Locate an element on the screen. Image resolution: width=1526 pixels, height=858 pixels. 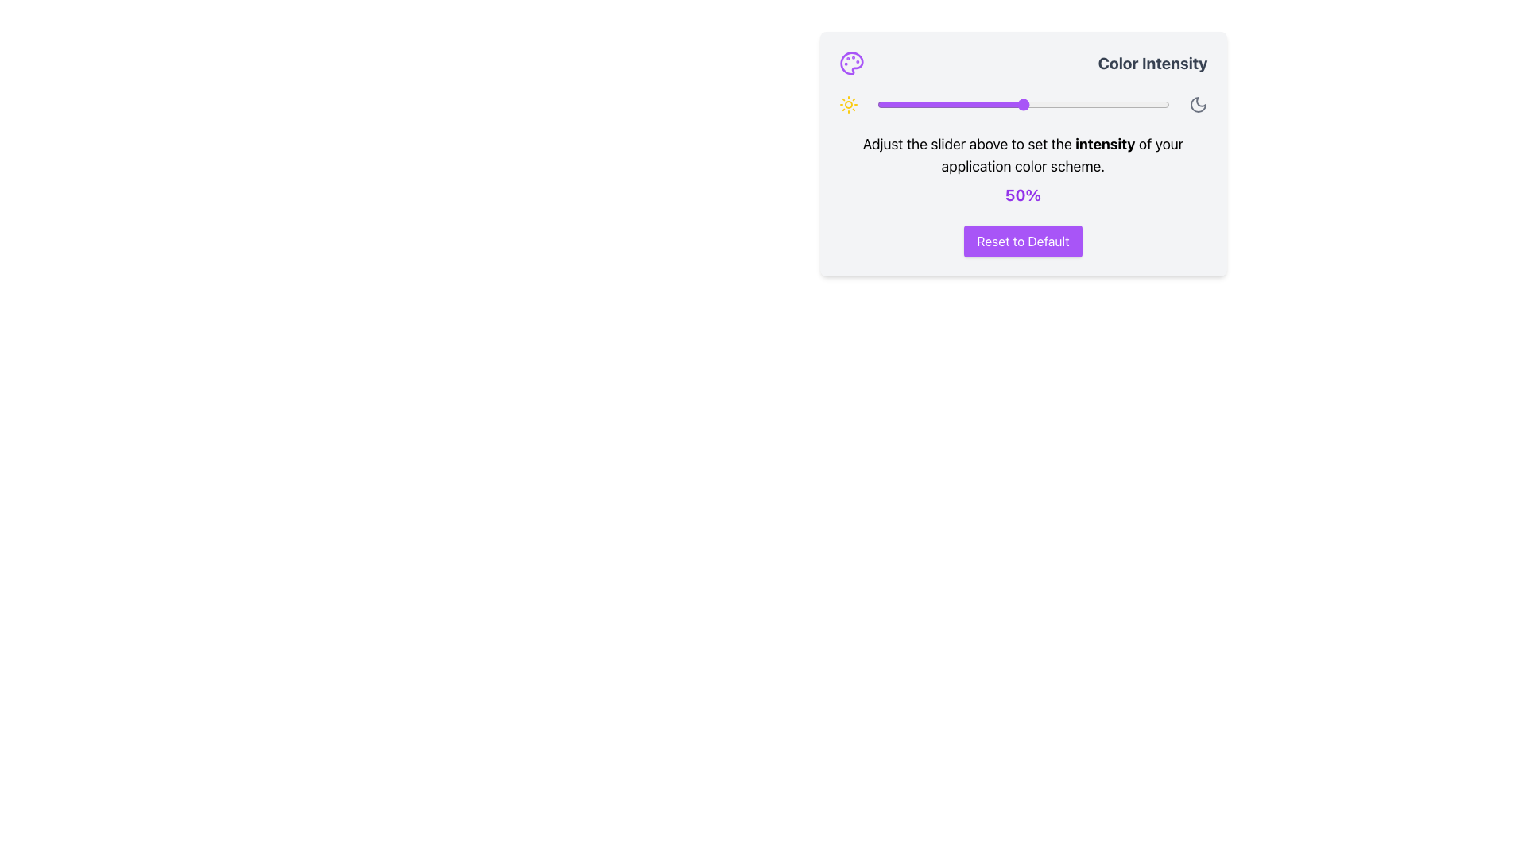
the instructional static text displaying 'Adjust the slider above to set the intensity of your application color scheme.' and the current intensity level '50%' is located at coordinates (1023, 169).